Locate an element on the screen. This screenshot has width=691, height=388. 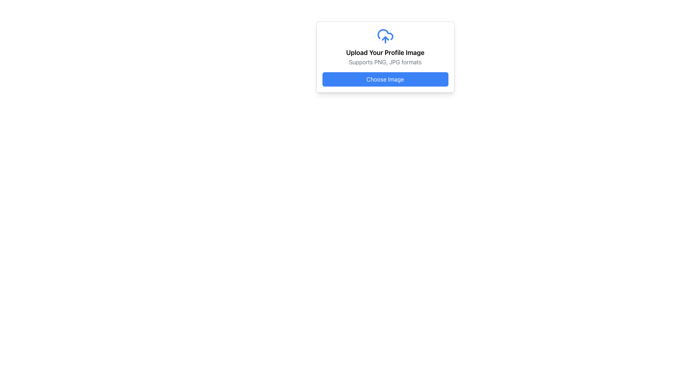
the informational display containing the blue cloud upload icon and the text 'Upload Your Profile Image' which is centrally aligned above the 'Choose Image' button is located at coordinates (385, 47).